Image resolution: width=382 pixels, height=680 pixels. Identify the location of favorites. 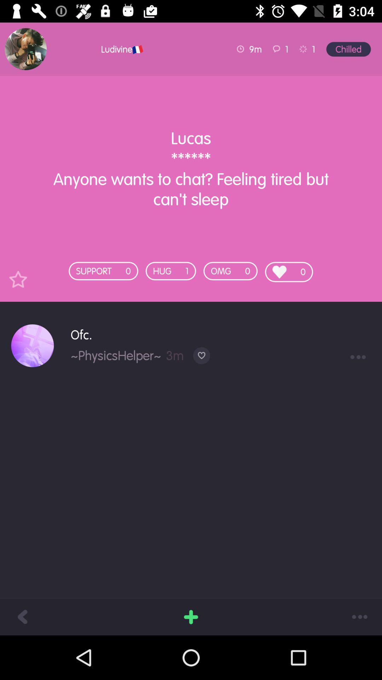
(18, 279).